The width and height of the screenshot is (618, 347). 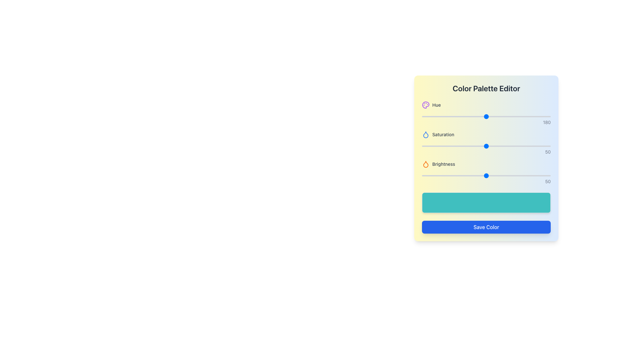 What do you see at coordinates (536, 146) in the screenshot?
I see `the slider value` at bounding box center [536, 146].